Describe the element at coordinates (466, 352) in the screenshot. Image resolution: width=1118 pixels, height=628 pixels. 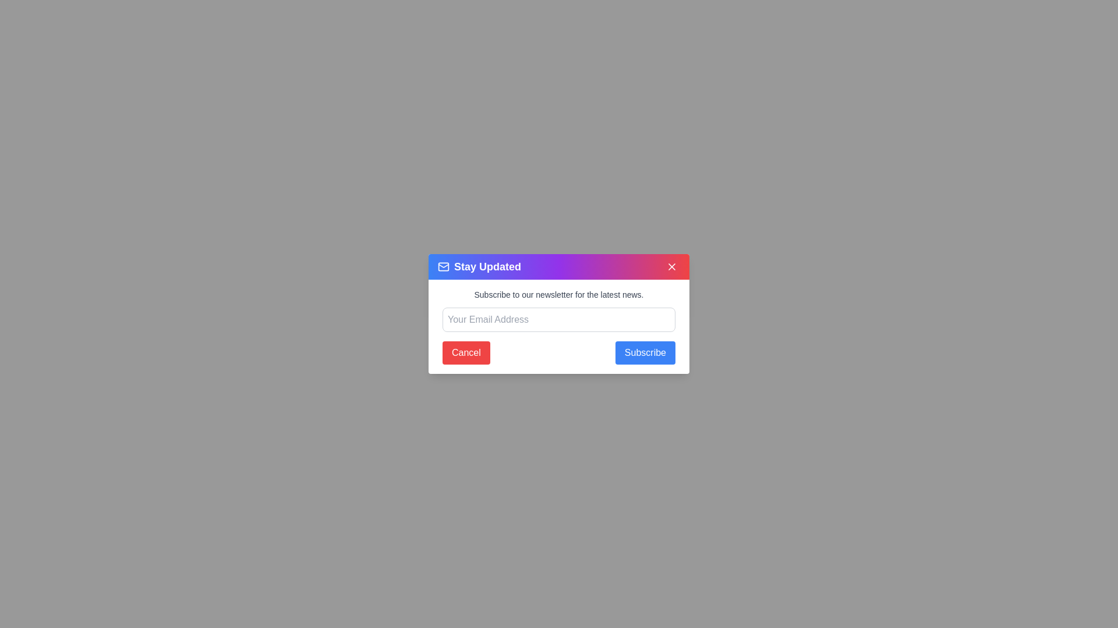
I see `the 'Cancel' button to cancel the operation` at that location.